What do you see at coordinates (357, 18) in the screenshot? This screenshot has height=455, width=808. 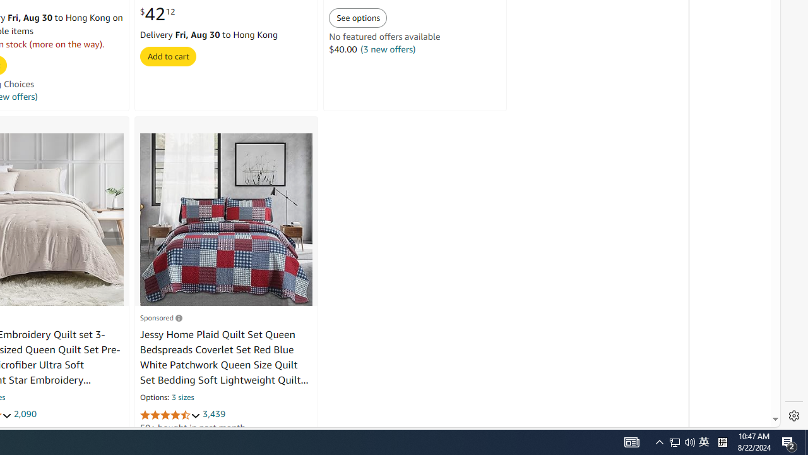 I see `'See options'` at bounding box center [357, 18].